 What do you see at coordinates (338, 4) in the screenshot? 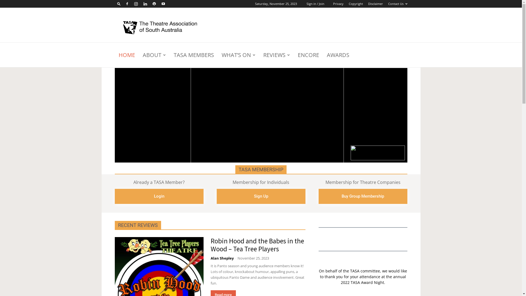
I see `'Privacy'` at bounding box center [338, 4].